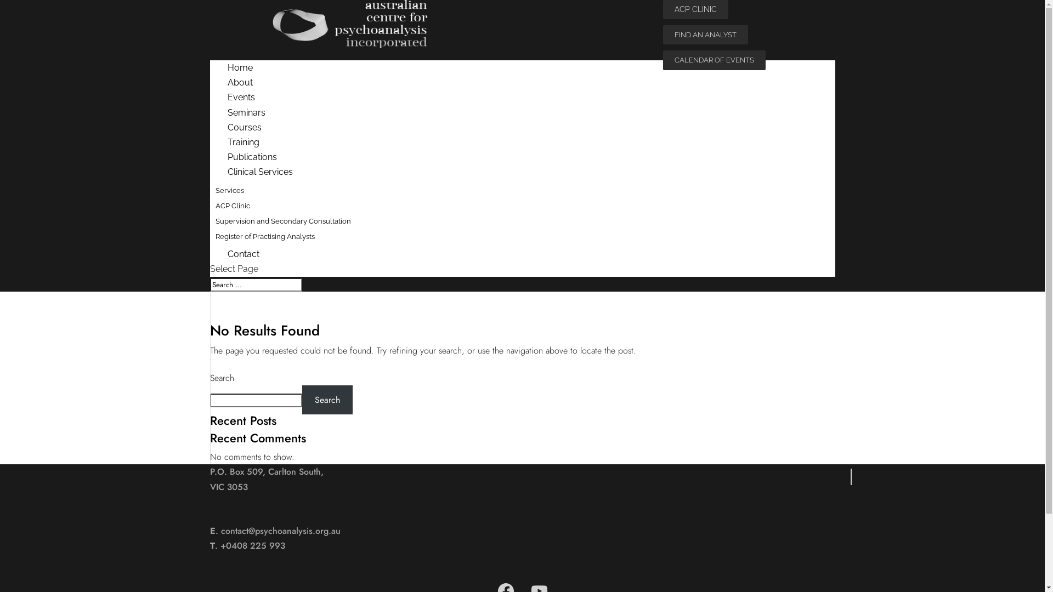 Image resolution: width=1053 pixels, height=592 pixels. Describe the element at coordinates (210, 96) in the screenshot. I see `'Events'` at that location.